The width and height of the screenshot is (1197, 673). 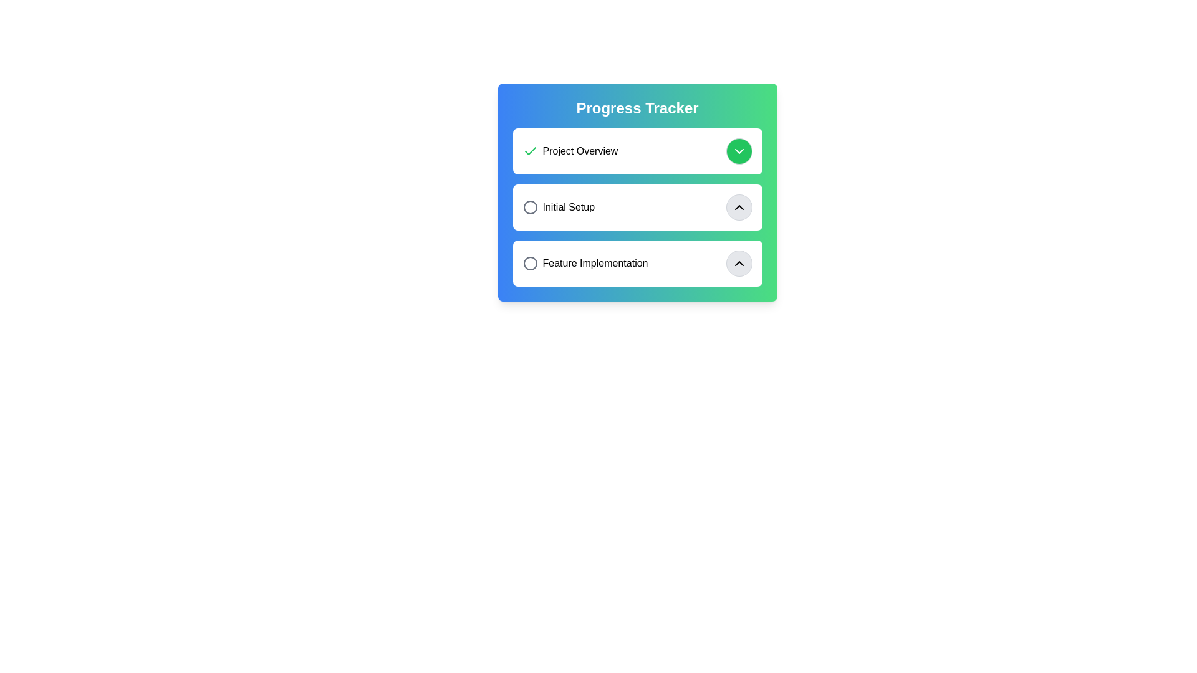 I want to click on the green checkmark icon indicating completion or success in the 'Project Overview' section of the progress tracker, so click(x=530, y=150).